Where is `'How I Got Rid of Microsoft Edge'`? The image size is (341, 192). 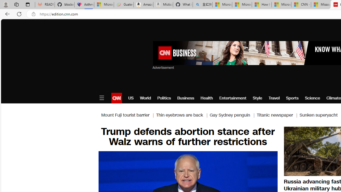
'How I Got Rid of Microsoft Edge' is located at coordinates (262, 5).